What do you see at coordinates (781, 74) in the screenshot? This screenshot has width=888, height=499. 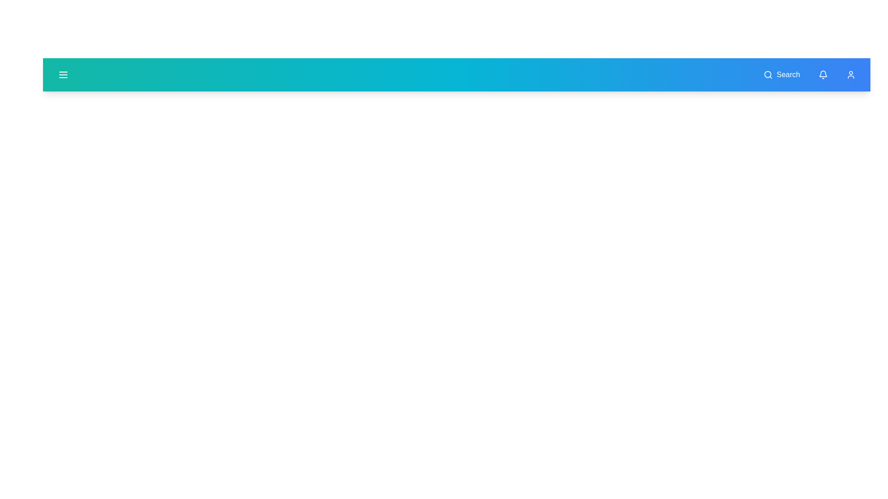 I see `the search button to initiate a search` at bounding box center [781, 74].